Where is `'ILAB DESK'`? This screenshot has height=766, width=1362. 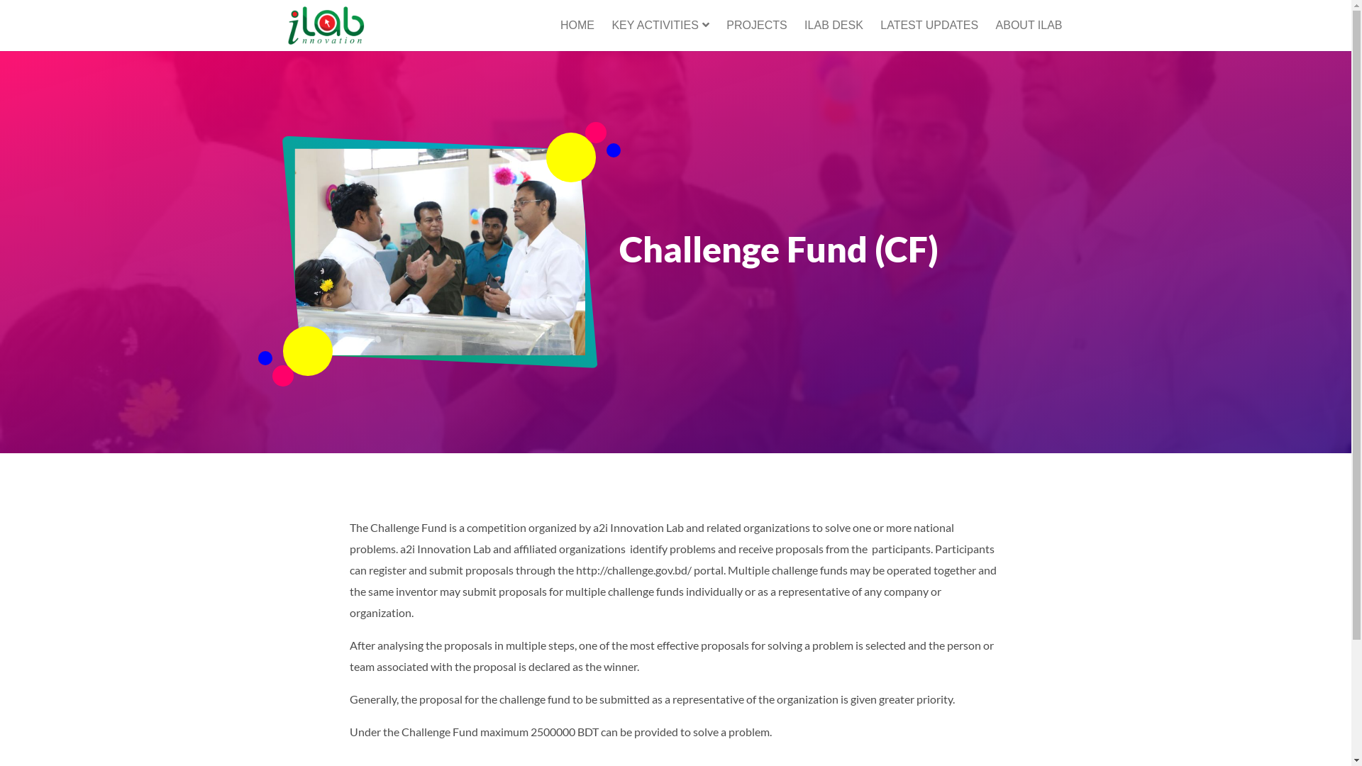 'ILAB DESK' is located at coordinates (834, 25).